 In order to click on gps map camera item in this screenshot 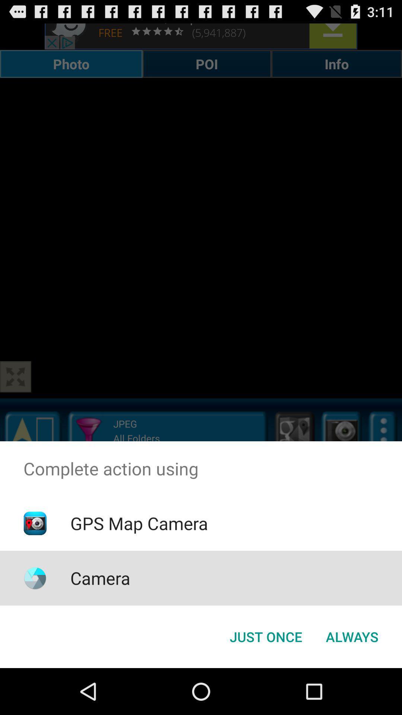, I will do `click(139, 523)`.